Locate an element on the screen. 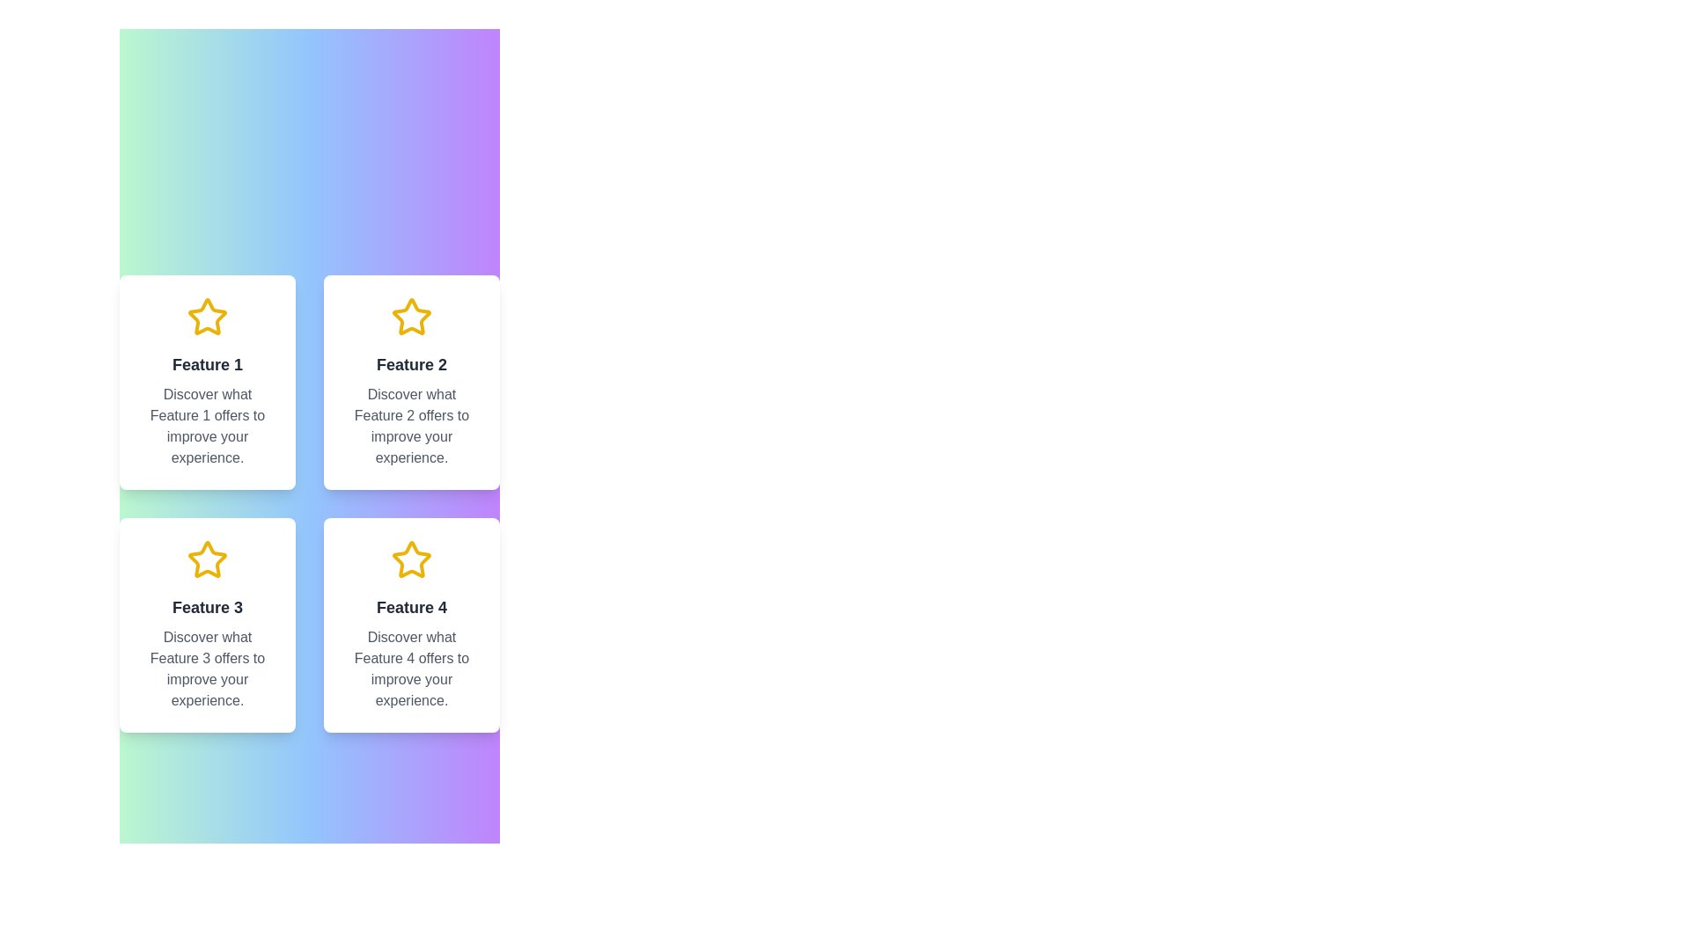  the star icon located at the top center of the white rectangular card labeled 'Feature 4' to interact with the rating feature is located at coordinates (410, 559).